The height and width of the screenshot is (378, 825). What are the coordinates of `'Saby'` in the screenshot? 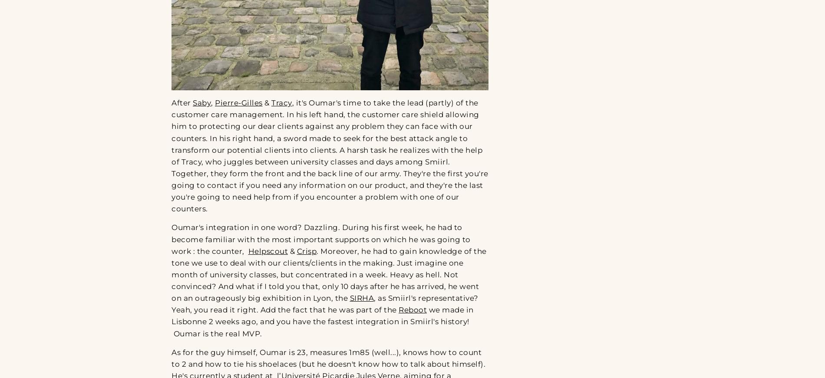 It's located at (192, 102).